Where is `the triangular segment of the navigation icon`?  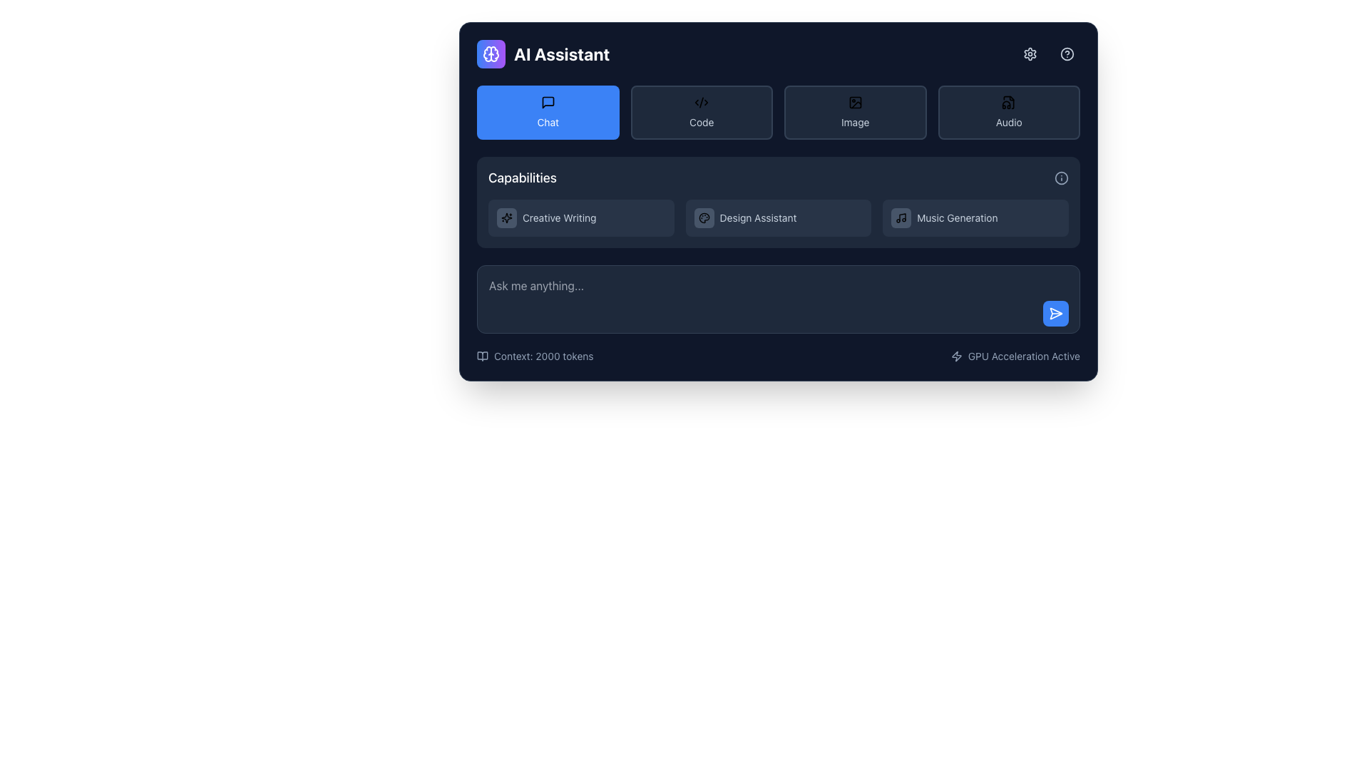 the triangular segment of the navigation icon is located at coordinates (1056, 312).